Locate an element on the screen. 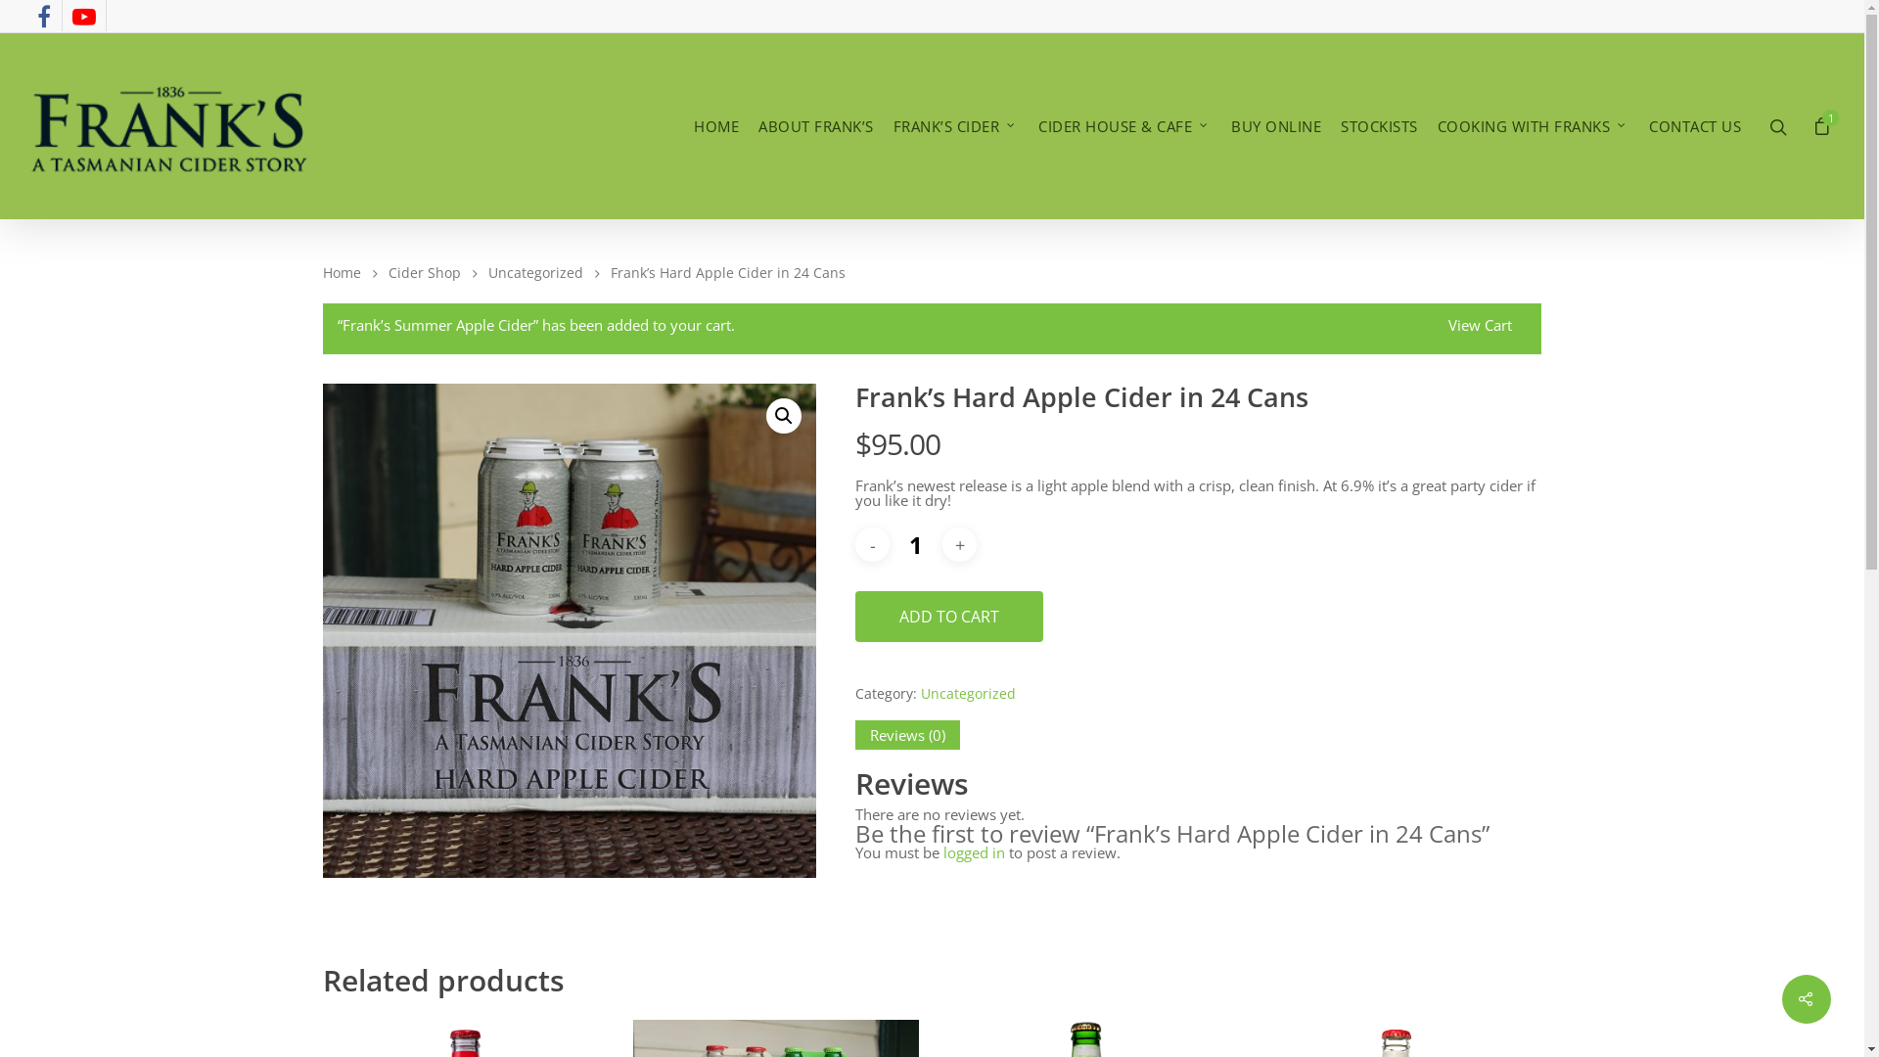 This screenshot has width=1879, height=1057. 'STOCKISTS' is located at coordinates (1378, 126).